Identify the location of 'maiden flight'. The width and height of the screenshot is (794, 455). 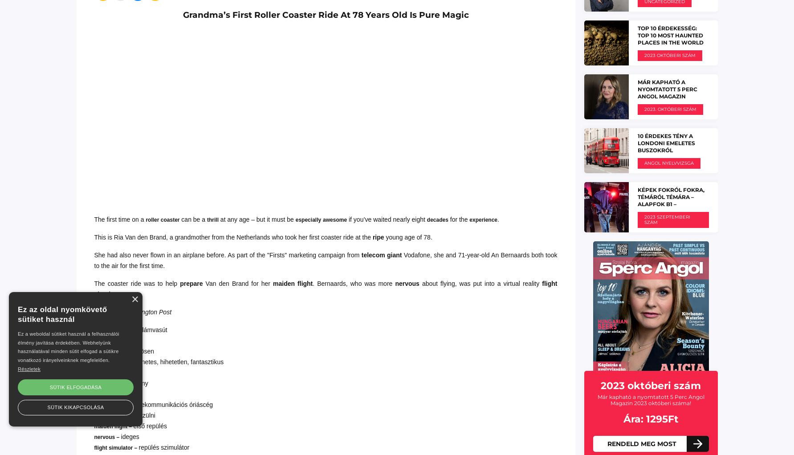
(293, 283).